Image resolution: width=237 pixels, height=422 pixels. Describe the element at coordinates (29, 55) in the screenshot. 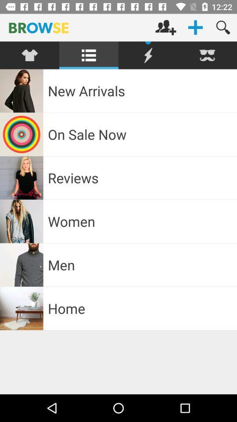

I see `clothing options` at that location.